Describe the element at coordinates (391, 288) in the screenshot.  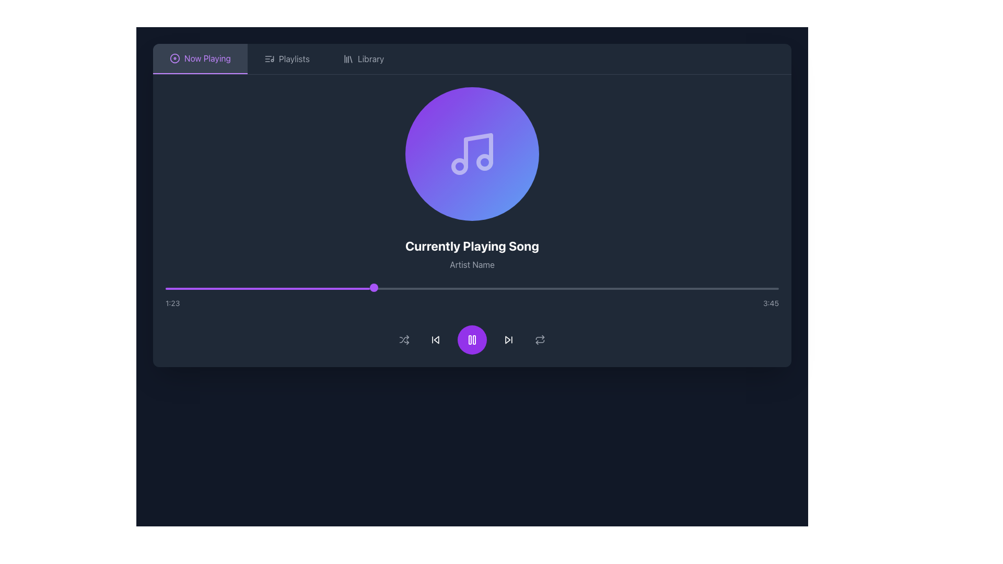
I see `the playback position` at that location.